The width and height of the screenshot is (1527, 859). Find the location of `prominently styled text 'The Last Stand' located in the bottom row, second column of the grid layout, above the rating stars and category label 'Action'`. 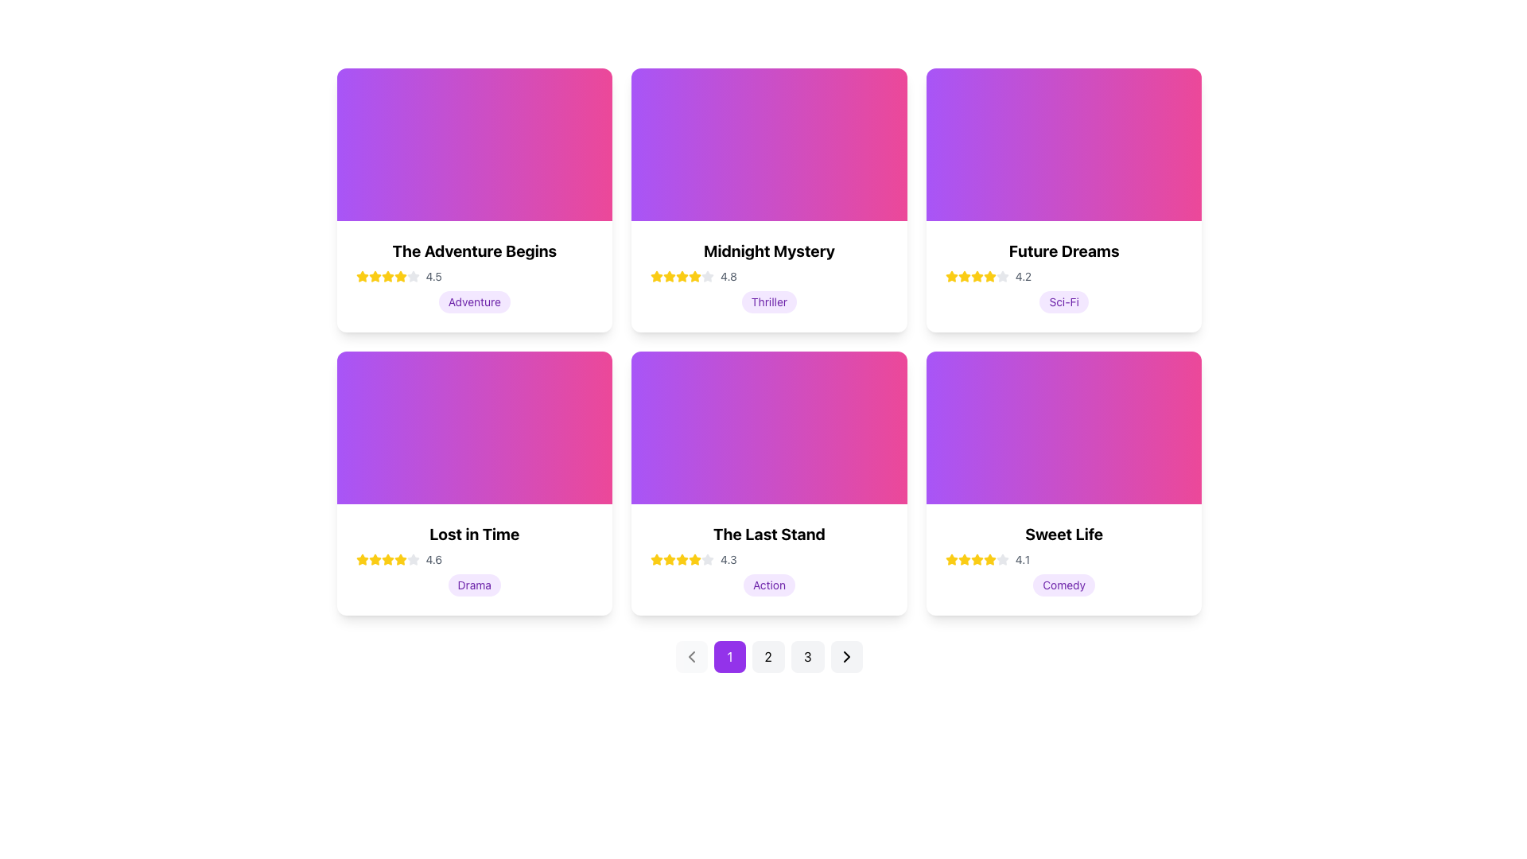

prominently styled text 'The Last Stand' located in the bottom row, second column of the grid layout, above the rating stars and category label 'Action' is located at coordinates (769, 534).